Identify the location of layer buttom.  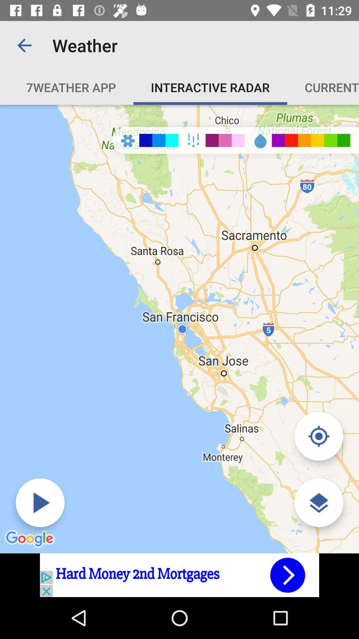
(318, 503).